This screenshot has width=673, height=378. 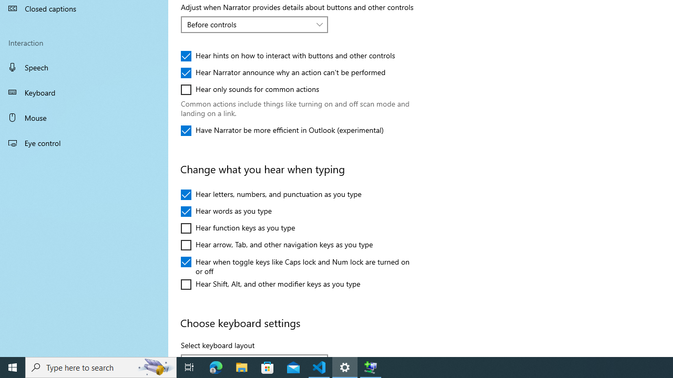 What do you see at coordinates (84, 142) in the screenshot?
I see `'Eye control'` at bounding box center [84, 142].